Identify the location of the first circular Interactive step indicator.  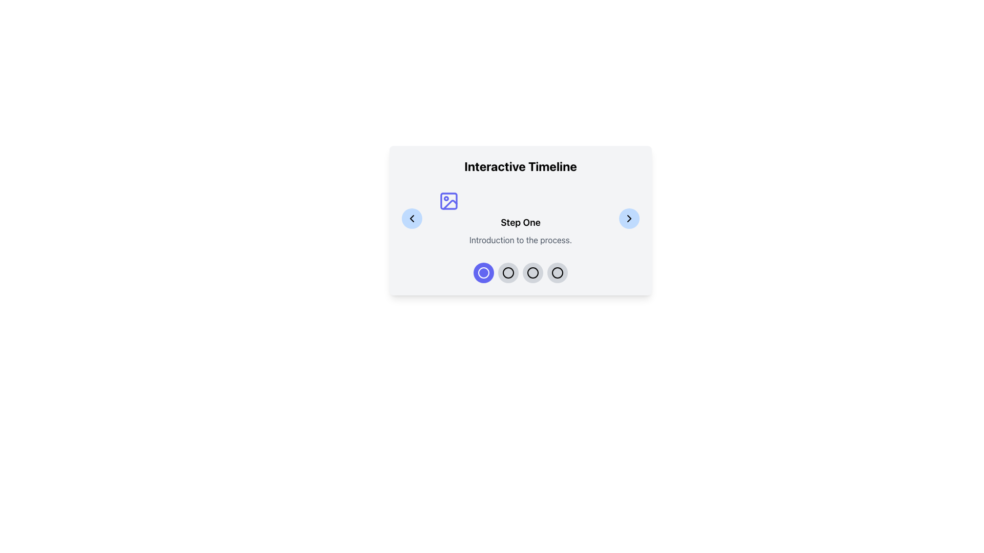
(483, 272).